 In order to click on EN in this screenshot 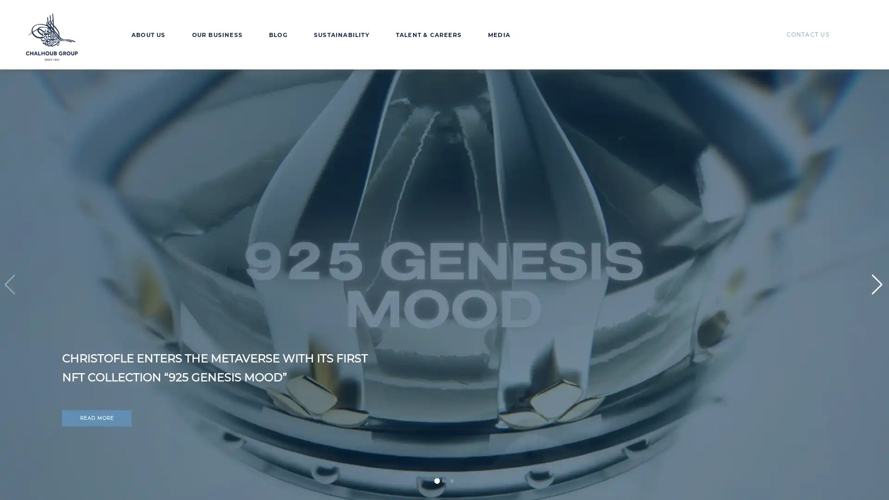, I will do `click(753, 28)`.